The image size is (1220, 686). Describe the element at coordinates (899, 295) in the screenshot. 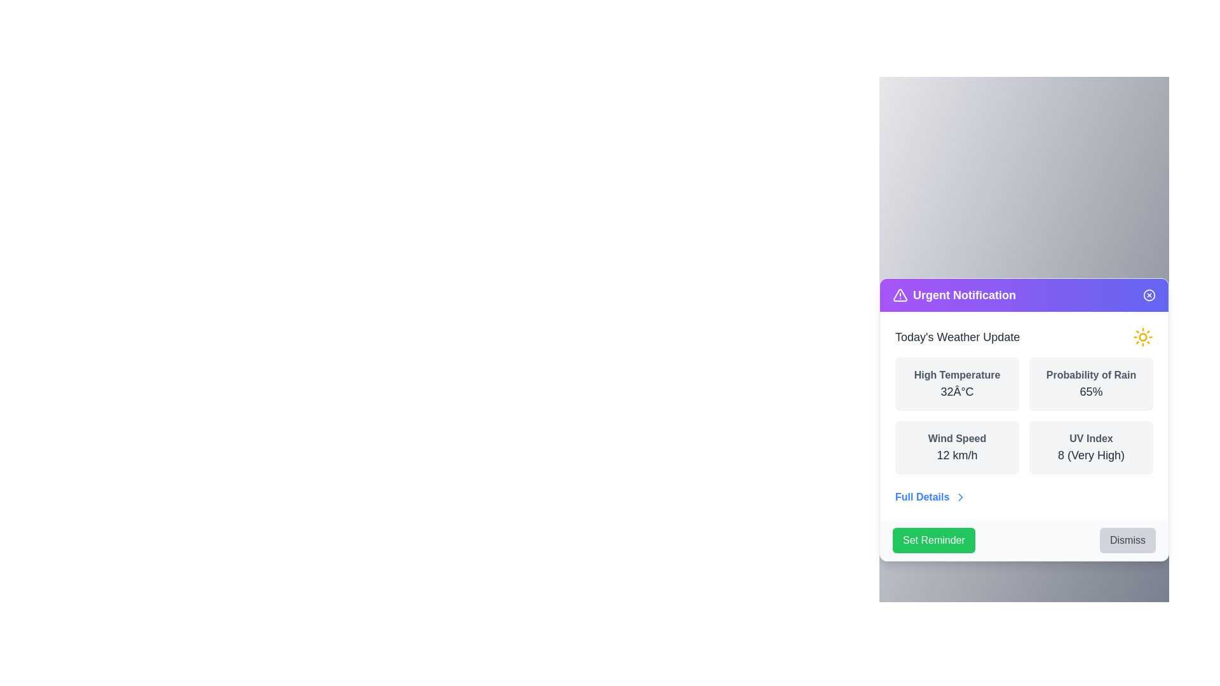

I see `the alert icon shaped like a triangle with an exclamation mark inside, which has a purple background and is located to the left of the text 'Urgent Notification' within the header of the notification card` at that location.